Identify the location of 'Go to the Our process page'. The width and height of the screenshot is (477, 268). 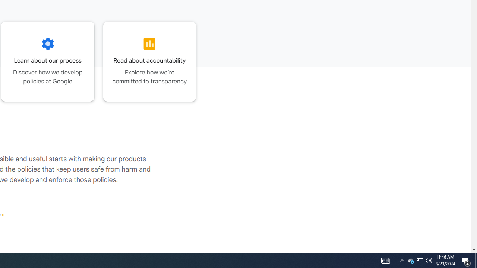
(47, 61).